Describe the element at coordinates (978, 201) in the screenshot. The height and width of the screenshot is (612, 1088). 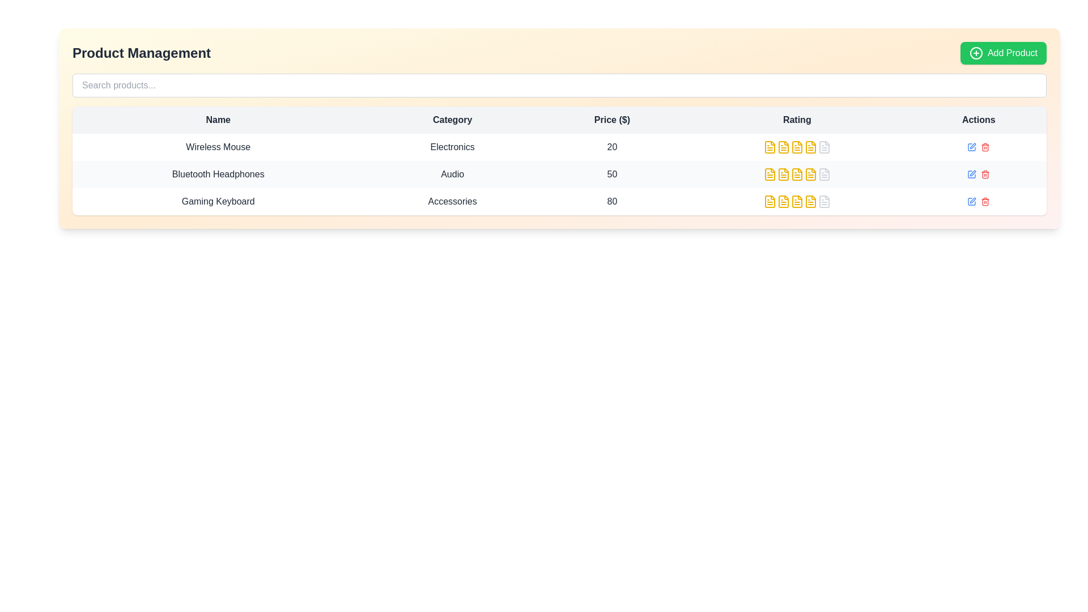
I see `the group of interactive icons located in the rightmost column of the row that contains 'Gaming Keyboard' in the 'Actions' column` at that location.